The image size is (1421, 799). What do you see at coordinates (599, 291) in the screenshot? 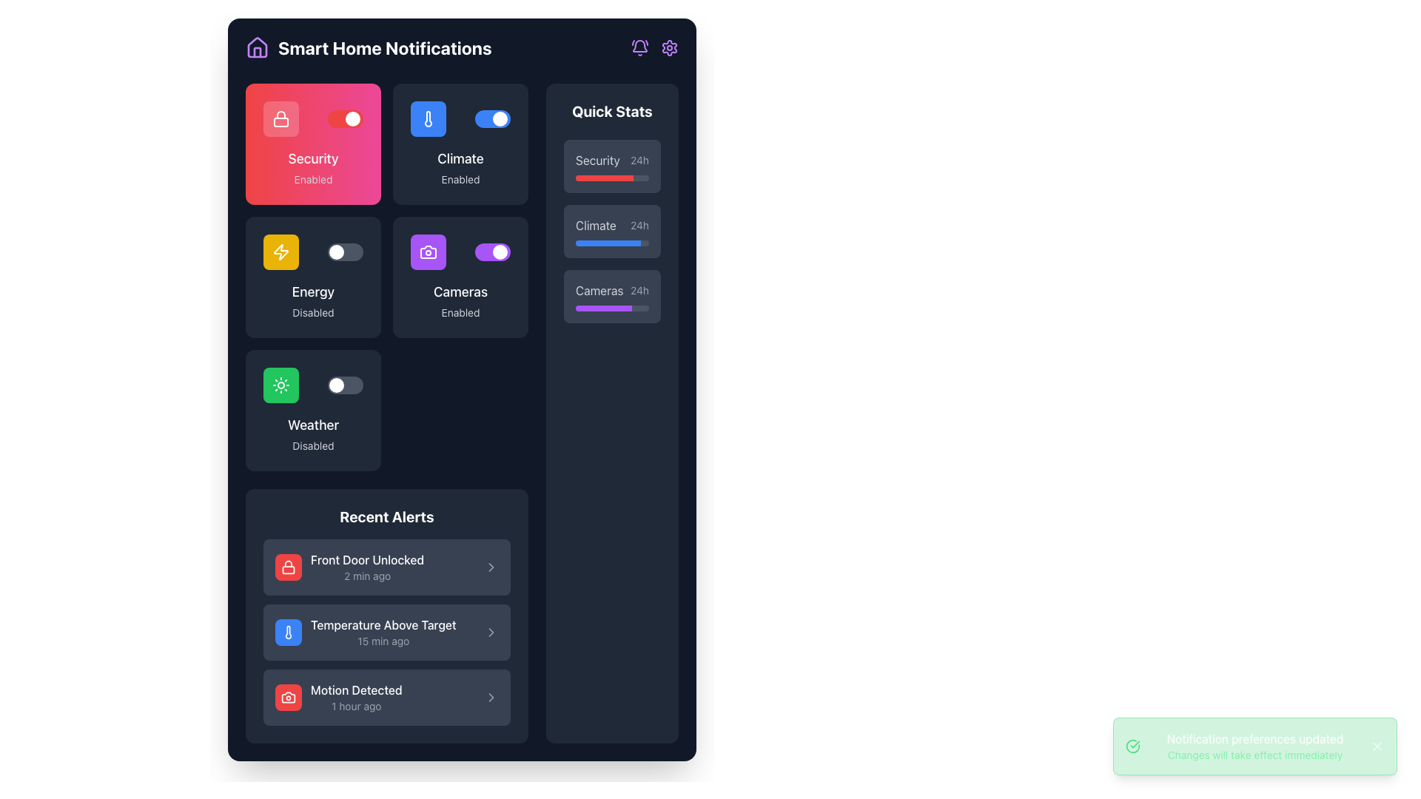
I see `the text label that identifies the statistics for cameras in the 'Quick Stats' section, positioned above the '24h' label` at bounding box center [599, 291].